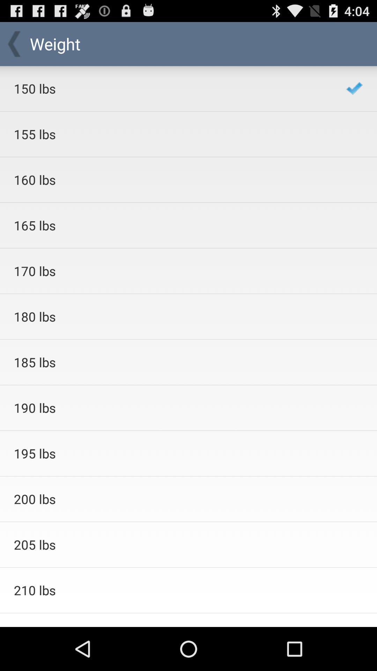 The height and width of the screenshot is (671, 377). I want to click on 185 lbs app, so click(171, 362).